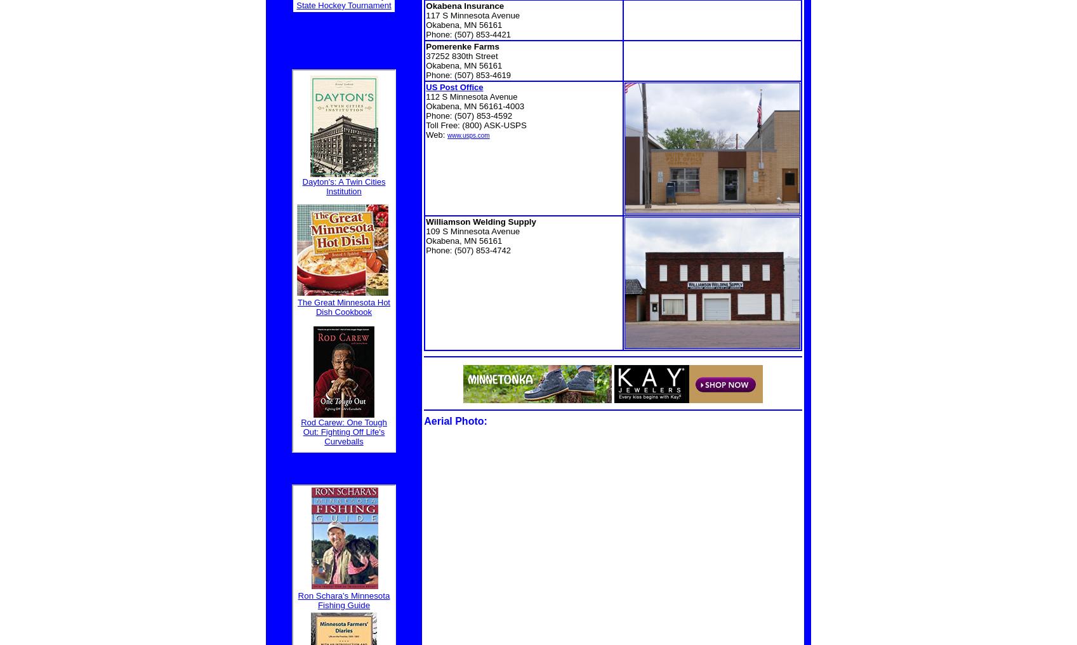  What do you see at coordinates (467, 249) in the screenshot?
I see `'Phone: (507) 853-4742'` at bounding box center [467, 249].